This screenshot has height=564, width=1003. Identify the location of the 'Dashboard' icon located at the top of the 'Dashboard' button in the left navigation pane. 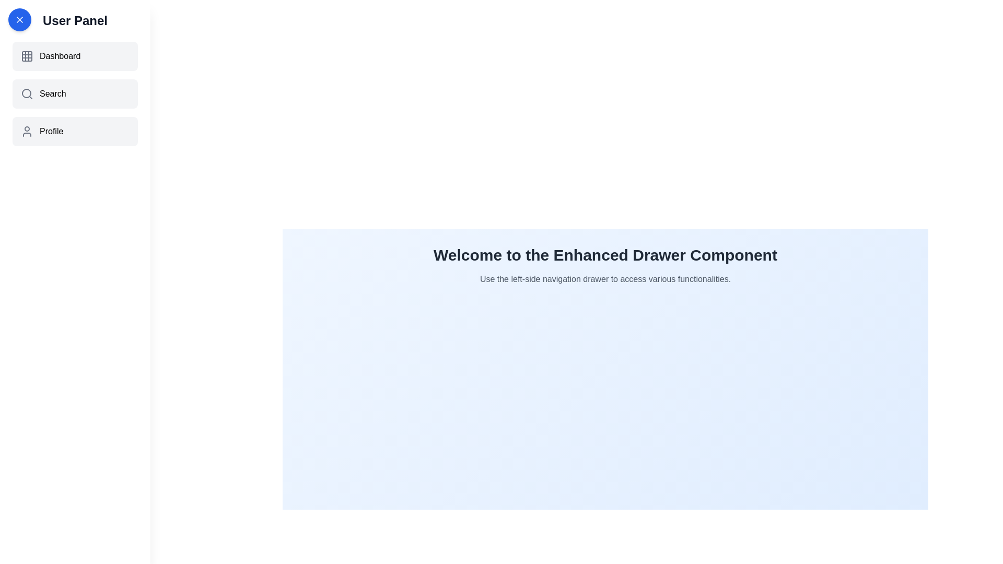
(27, 56).